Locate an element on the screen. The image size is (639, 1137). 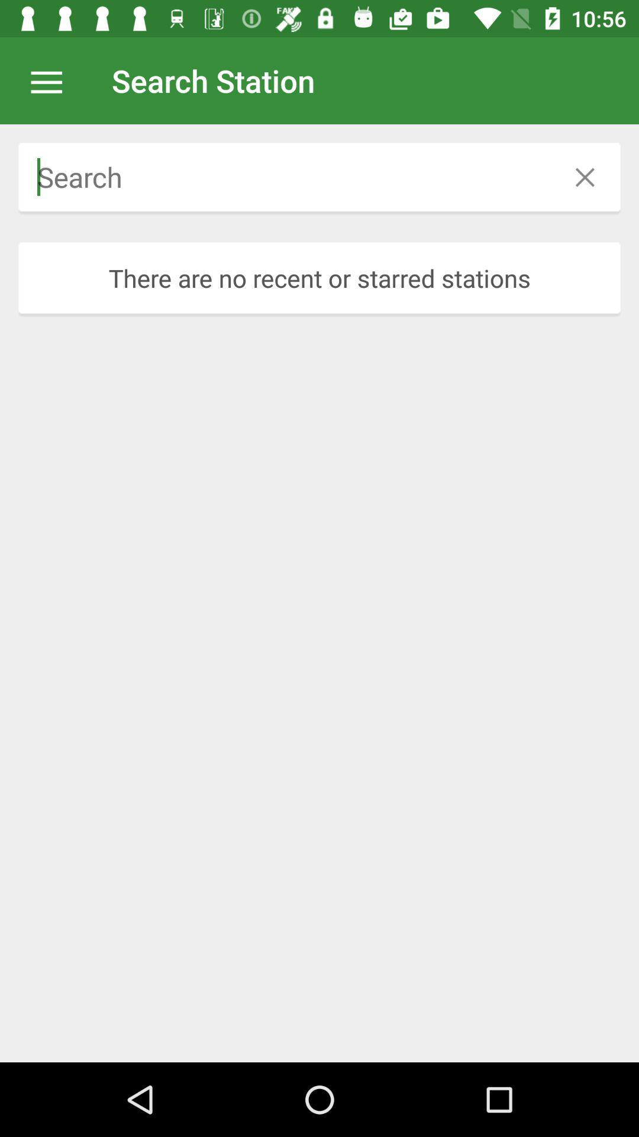
app to the left of the search station app is located at coordinates (52, 80).